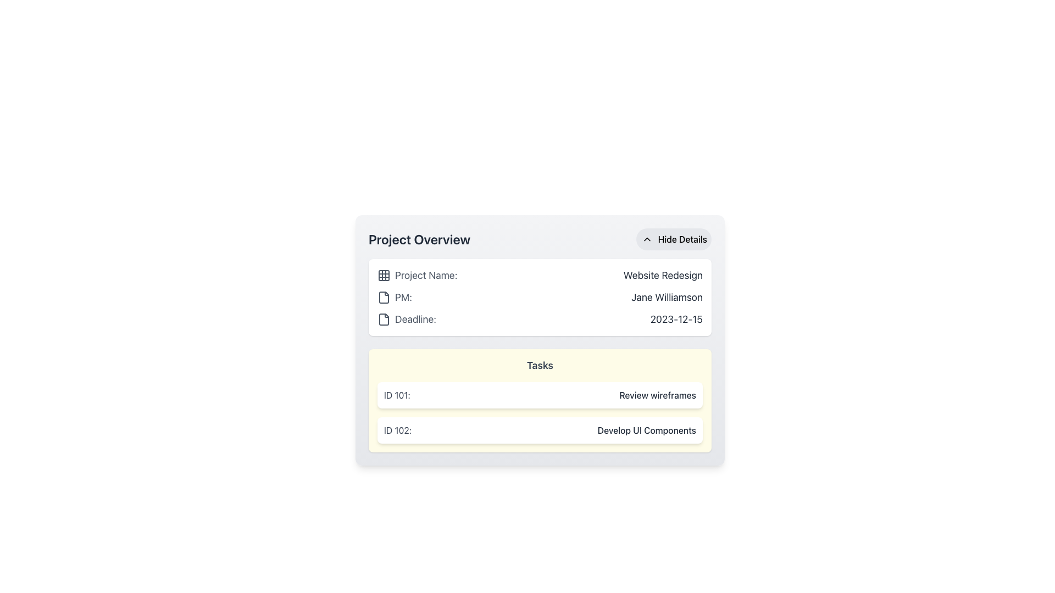 Image resolution: width=1055 pixels, height=593 pixels. What do you see at coordinates (384, 275) in the screenshot?
I see `the central grid cell of the top row in the 3x3 grid icon, which is used for categorization or selection` at bounding box center [384, 275].